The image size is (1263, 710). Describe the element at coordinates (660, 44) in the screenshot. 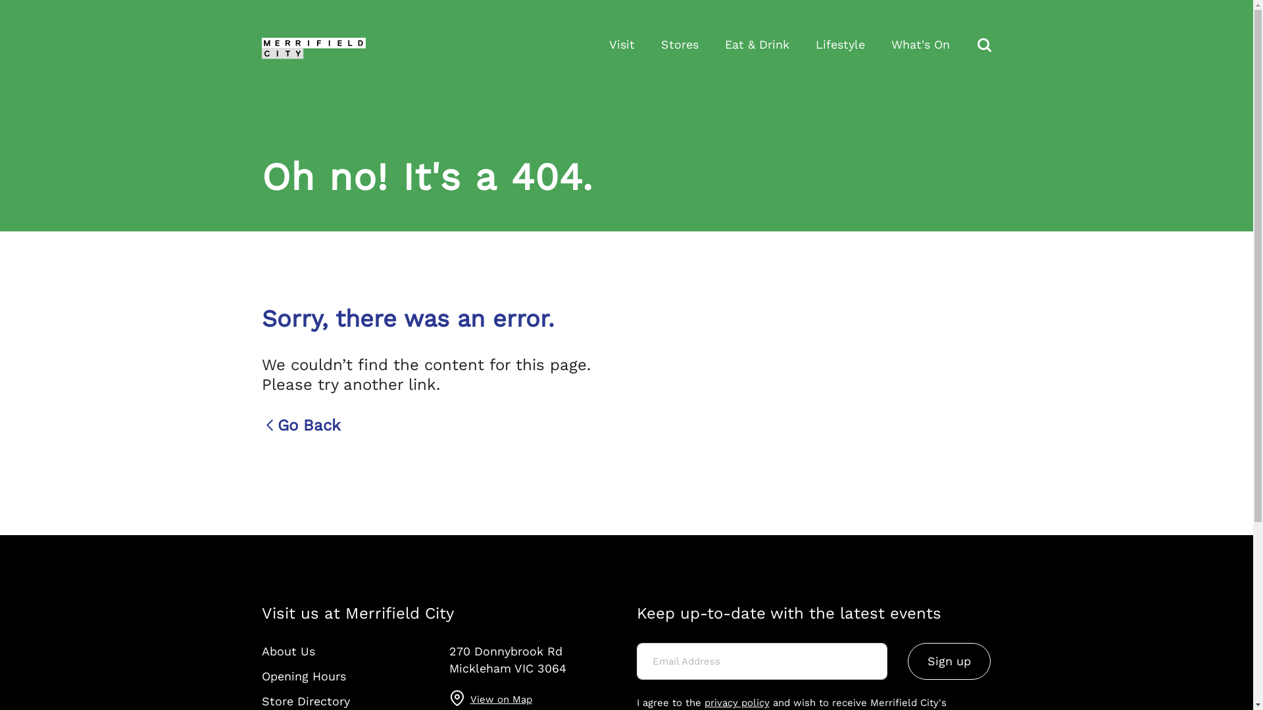

I see `'Stores'` at that location.